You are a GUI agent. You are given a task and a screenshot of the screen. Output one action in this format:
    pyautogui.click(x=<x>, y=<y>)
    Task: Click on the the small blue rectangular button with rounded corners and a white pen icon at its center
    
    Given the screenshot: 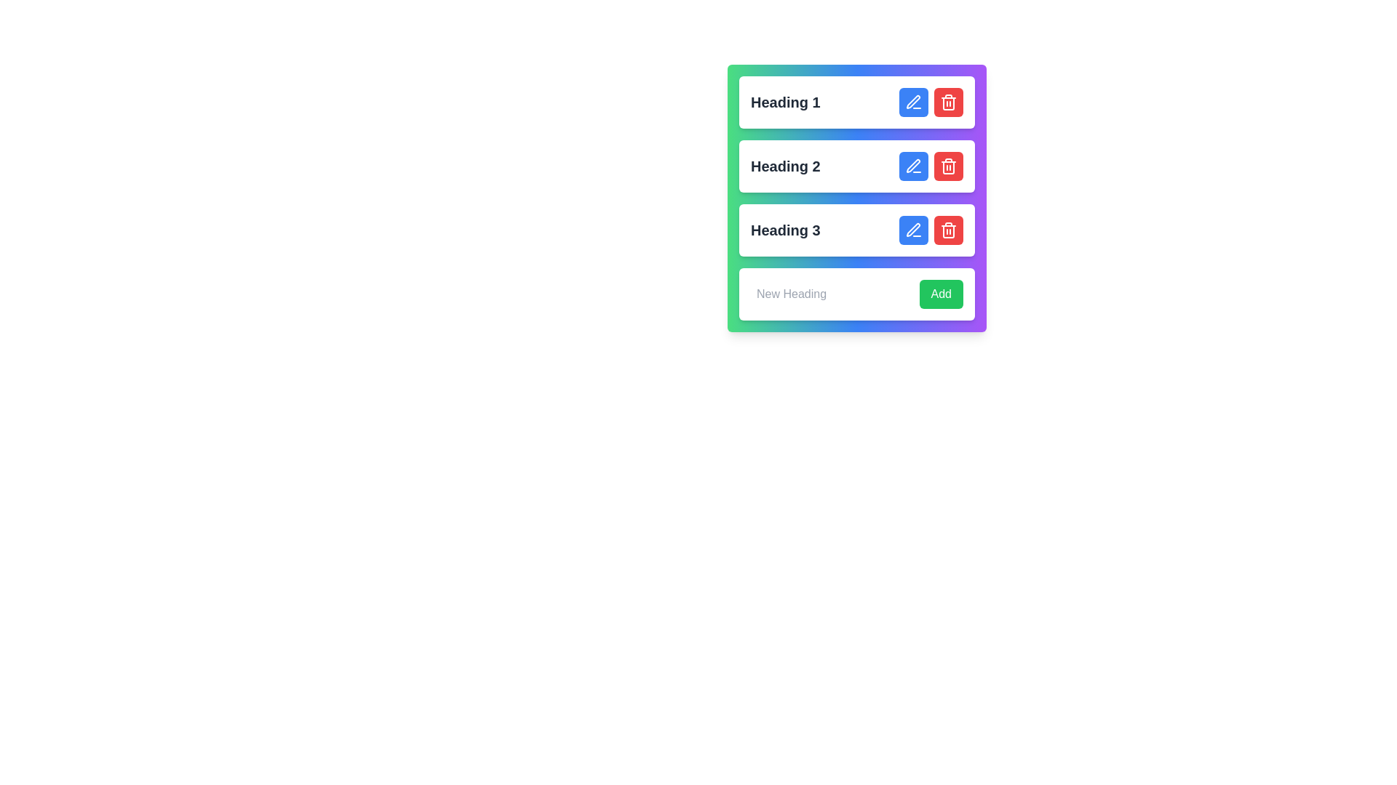 What is the action you would take?
    pyautogui.click(x=913, y=102)
    